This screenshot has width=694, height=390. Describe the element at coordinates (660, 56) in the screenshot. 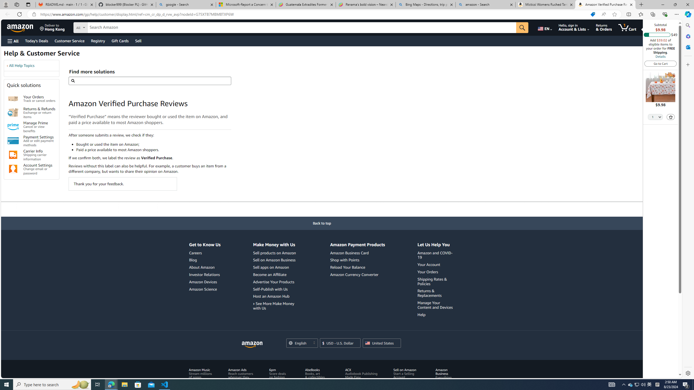

I see `'Details'` at that location.